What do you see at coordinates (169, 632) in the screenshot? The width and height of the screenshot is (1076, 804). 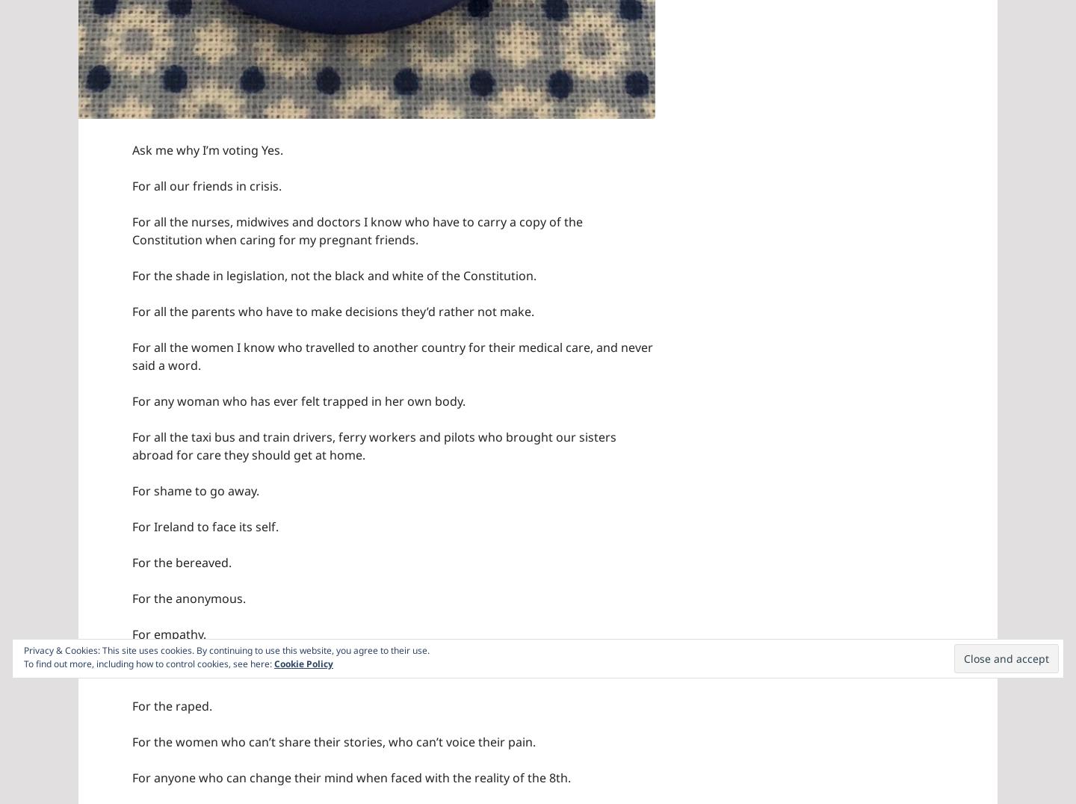 I see `'For empathy.'` at bounding box center [169, 632].